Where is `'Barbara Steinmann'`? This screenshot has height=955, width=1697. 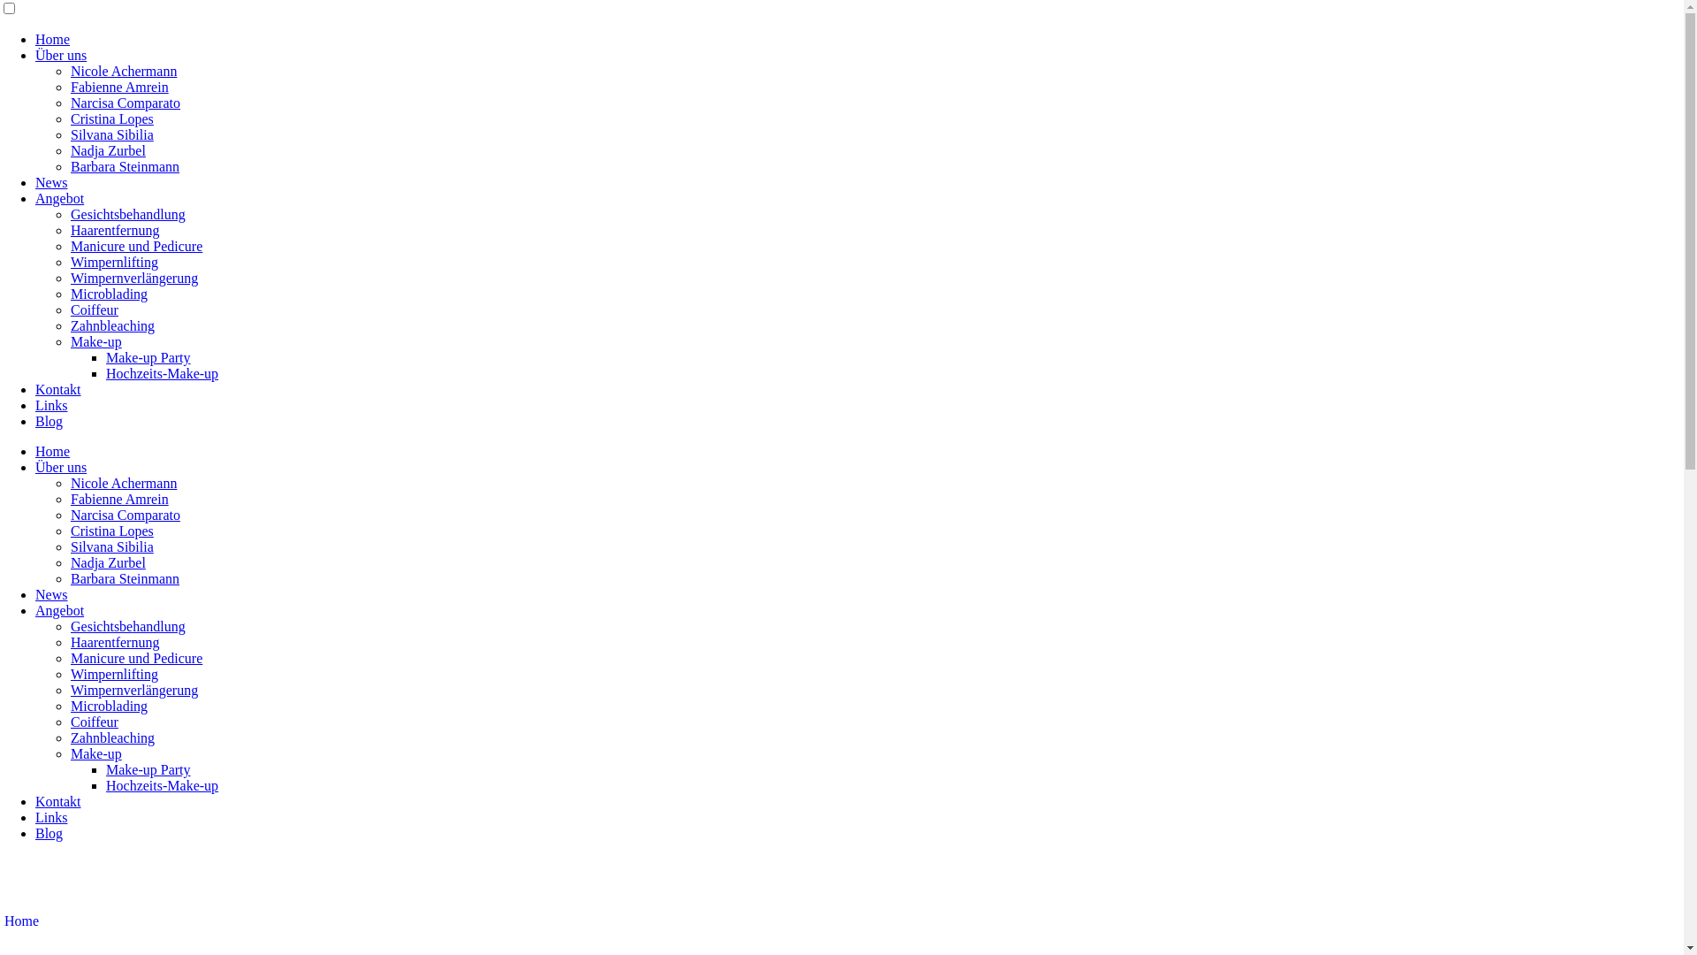 'Barbara Steinmann' is located at coordinates (71, 166).